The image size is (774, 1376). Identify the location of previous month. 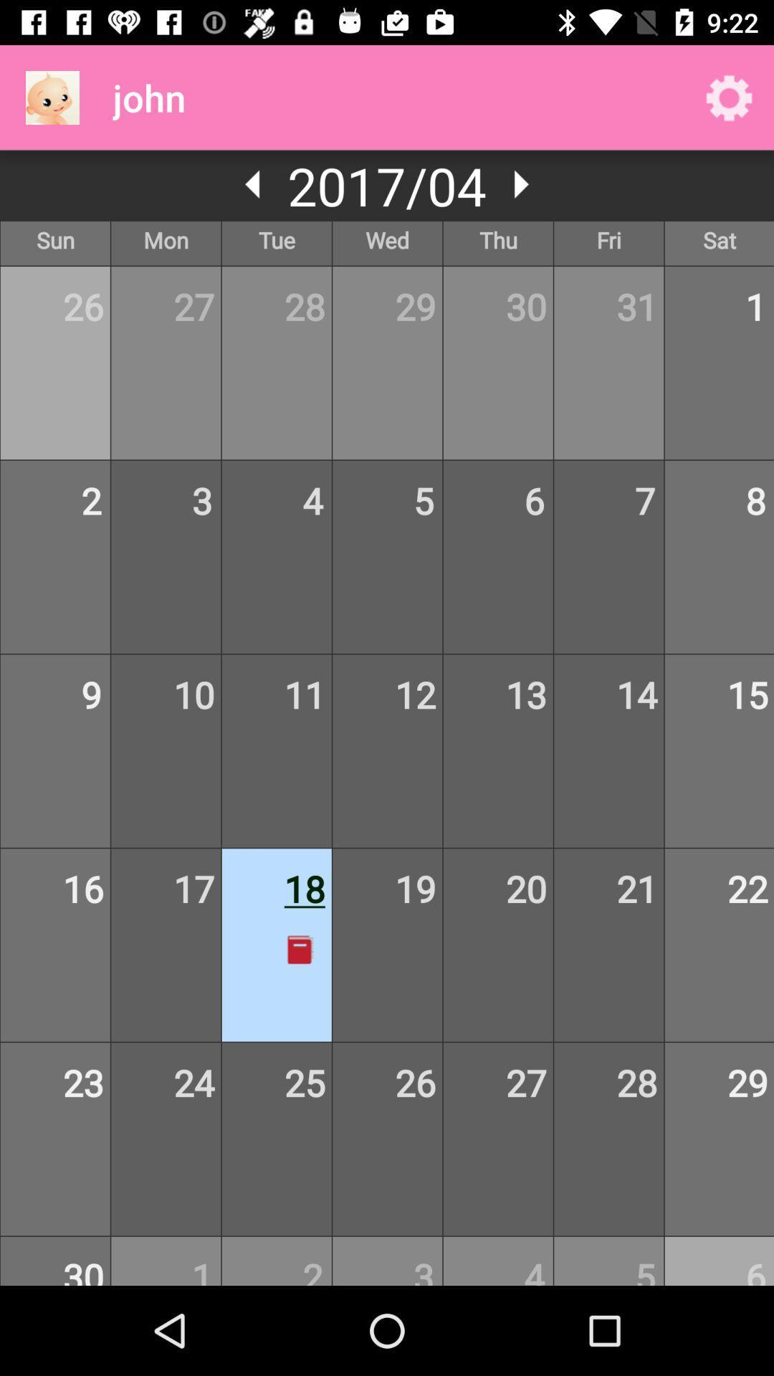
(253, 183).